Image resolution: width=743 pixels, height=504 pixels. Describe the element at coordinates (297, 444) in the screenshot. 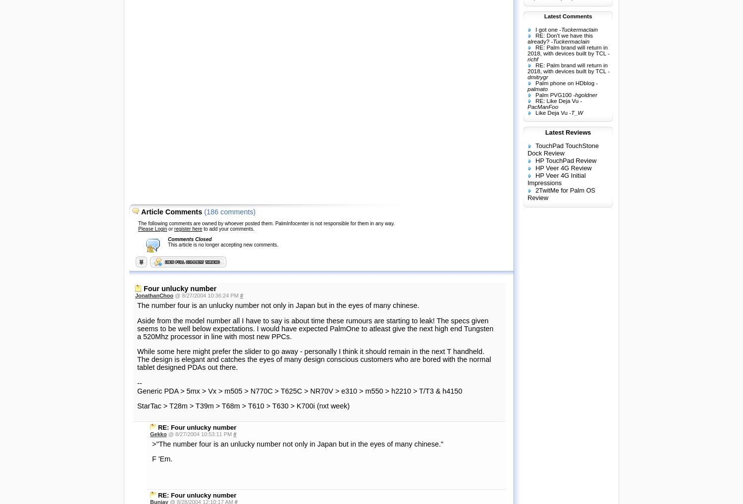

I see `'>"The number four is an unlucky number not only in Japan but in the eyes of many chinese."'` at that location.